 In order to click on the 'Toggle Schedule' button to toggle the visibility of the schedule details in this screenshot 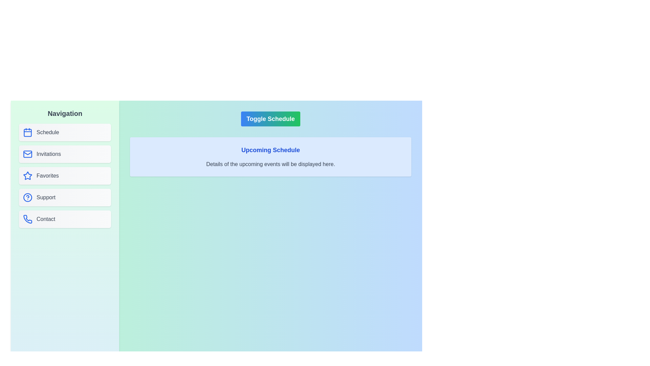, I will do `click(270, 119)`.